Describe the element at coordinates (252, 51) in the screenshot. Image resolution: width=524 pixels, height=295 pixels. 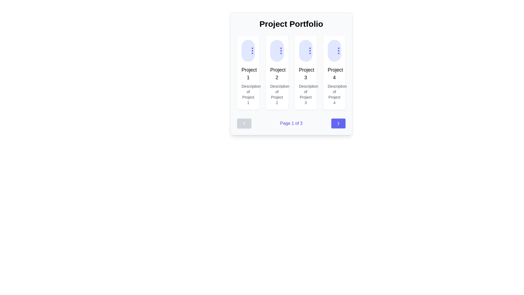
I see `the first vertical ellipsis IconButton associated with the 'Project 1' item` at that location.